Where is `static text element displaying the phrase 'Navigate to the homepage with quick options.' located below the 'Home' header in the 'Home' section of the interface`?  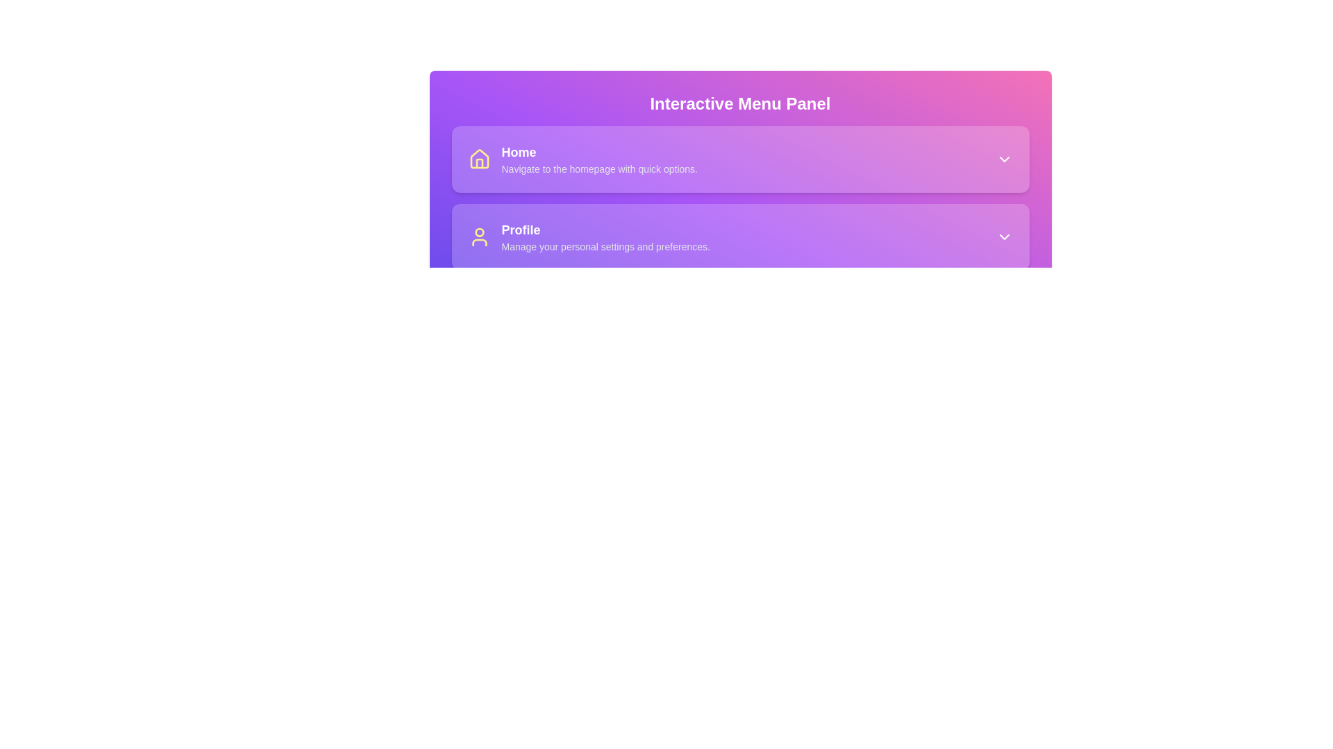
static text element displaying the phrase 'Navigate to the homepage with quick options.' located below the 'Home' header in the 'Home' section of the interface is located at coordinates (599, 168).